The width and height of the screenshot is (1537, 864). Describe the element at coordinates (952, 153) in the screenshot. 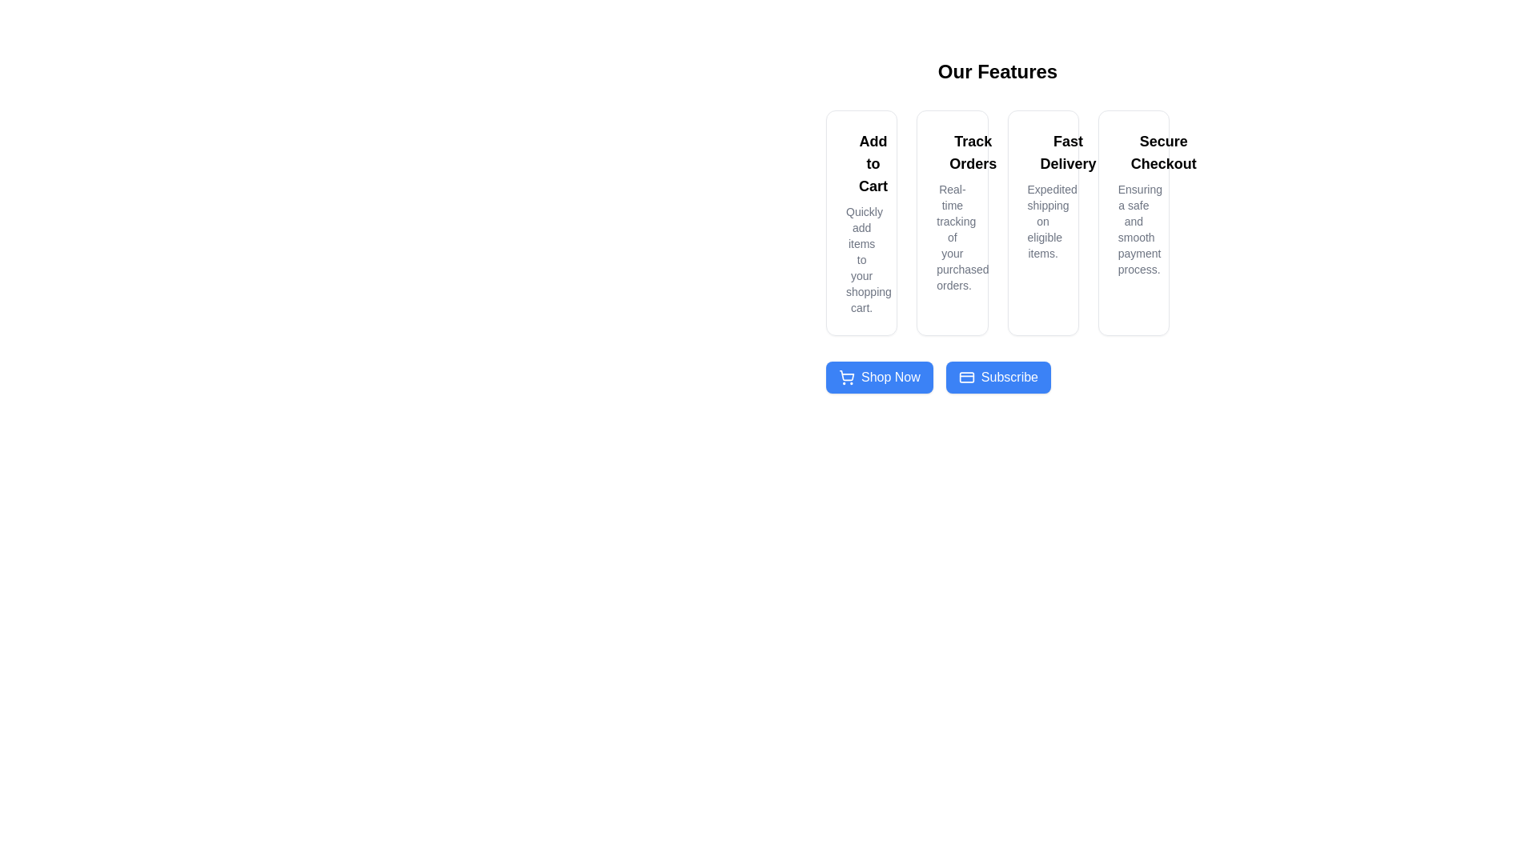

I see `the text label that says 'Track Orders', which is bold and located in the second item of a horizontal feature set, next to an icon` at that location.